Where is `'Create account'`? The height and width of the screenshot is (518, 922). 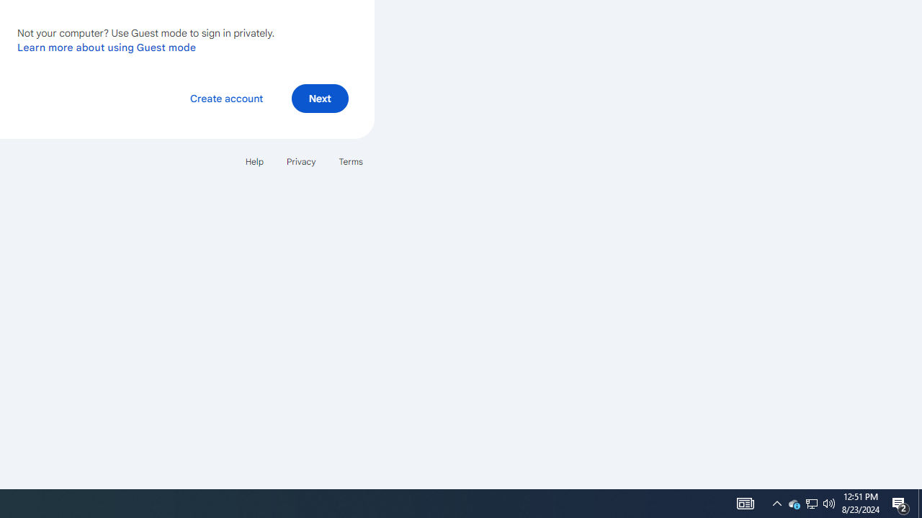 'Create account' is located at coordinates (225, 97).